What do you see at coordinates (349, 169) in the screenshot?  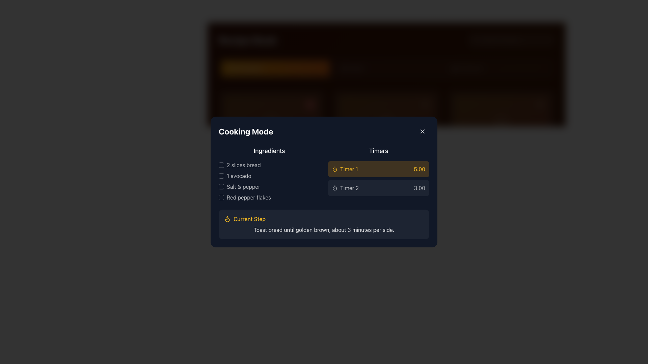 I see `the label element identifying the timer as 'Timer 1', which is centrally aligned in the 'Timers' section next to the clock icon` at bounding box center [349, 169].